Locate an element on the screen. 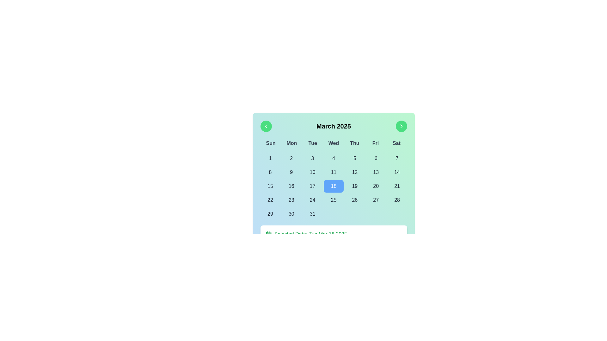 The height and width of the screenshot is (341, 607). the button representing the date 6 in the calendar interface is located at coordinates (376, 158).